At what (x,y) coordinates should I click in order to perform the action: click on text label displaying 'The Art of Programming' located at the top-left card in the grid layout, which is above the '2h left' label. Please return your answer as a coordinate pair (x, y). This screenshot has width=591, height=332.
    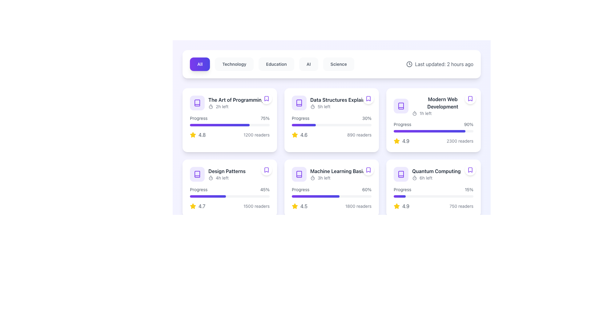
    Looking at the image, I should click on (236, 99).